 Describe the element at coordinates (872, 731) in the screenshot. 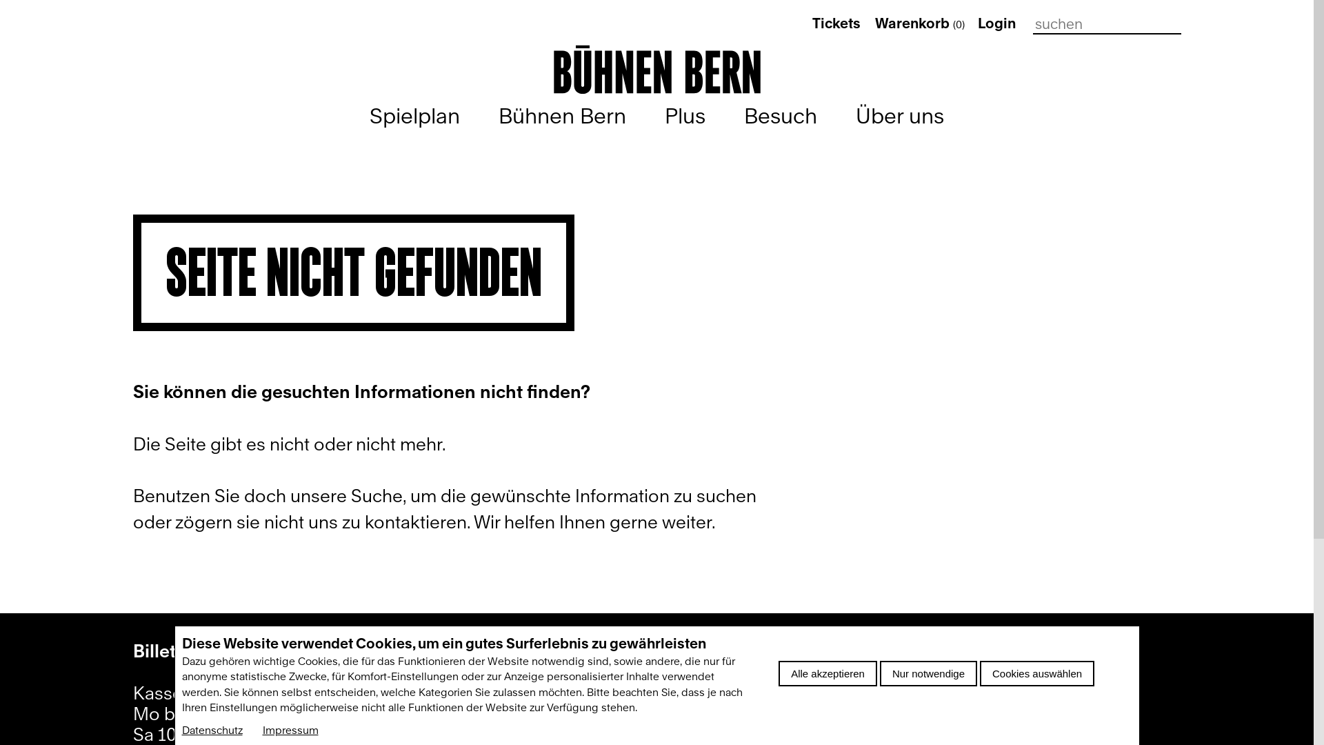

I see `'AGB'` at that location.